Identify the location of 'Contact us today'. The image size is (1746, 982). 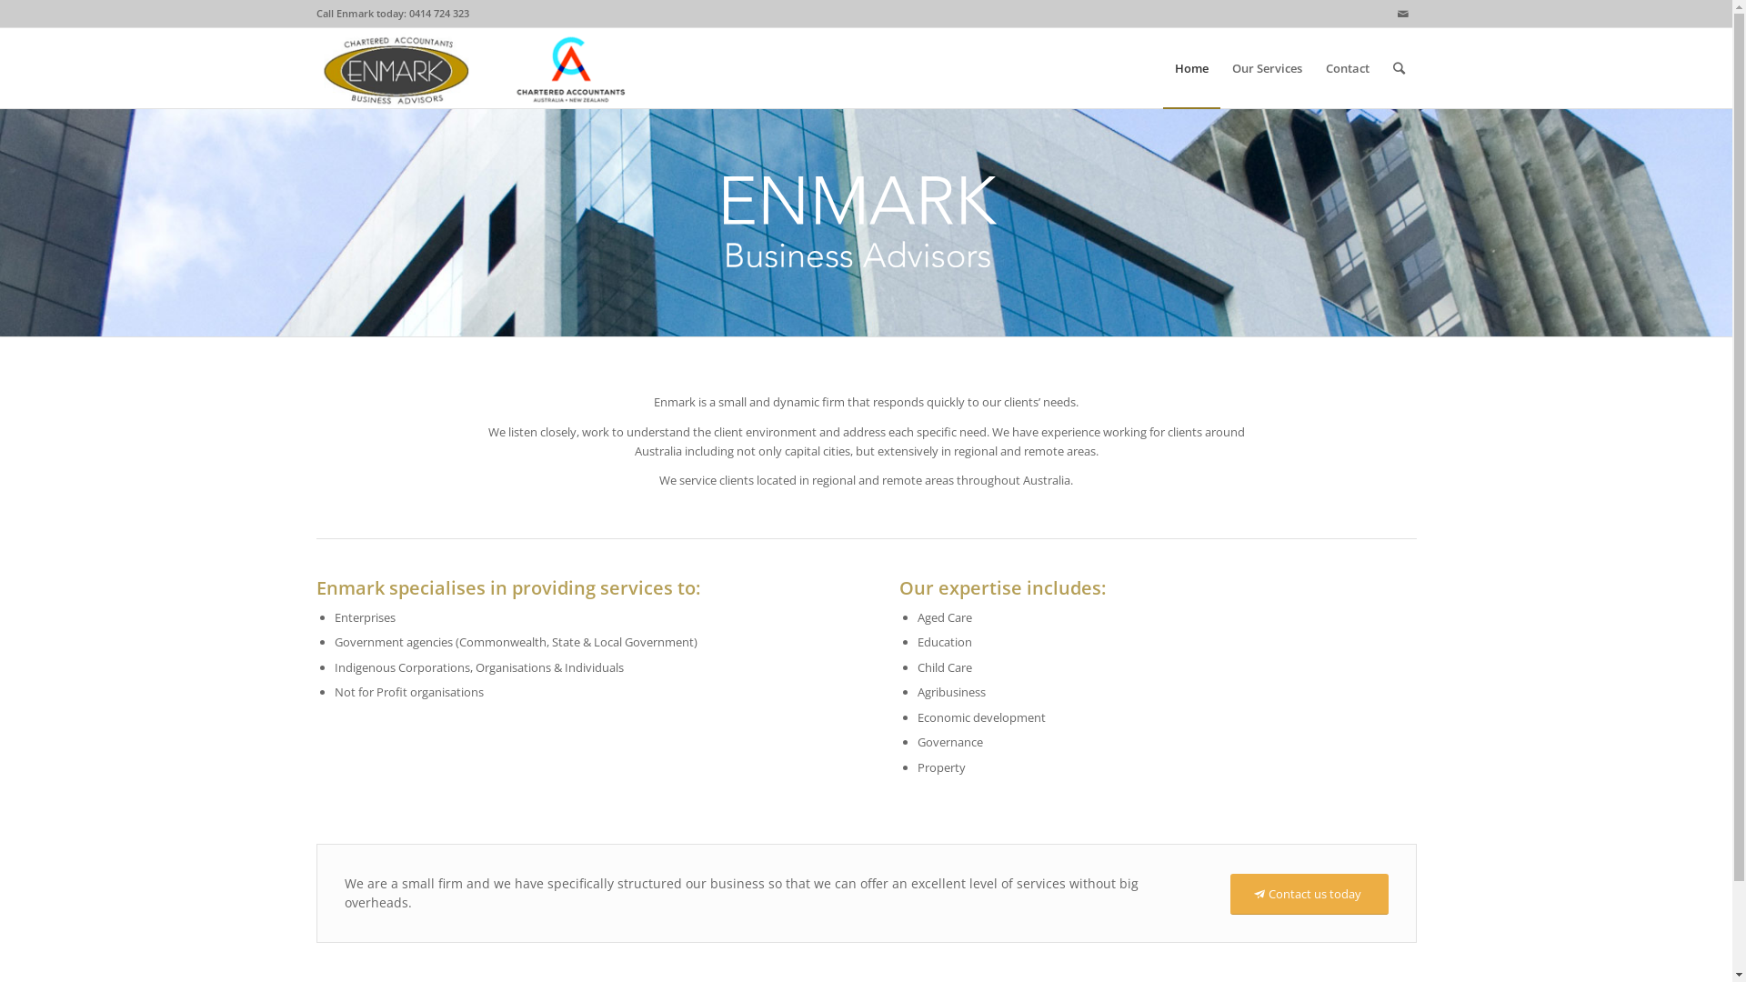
(1308, 893).